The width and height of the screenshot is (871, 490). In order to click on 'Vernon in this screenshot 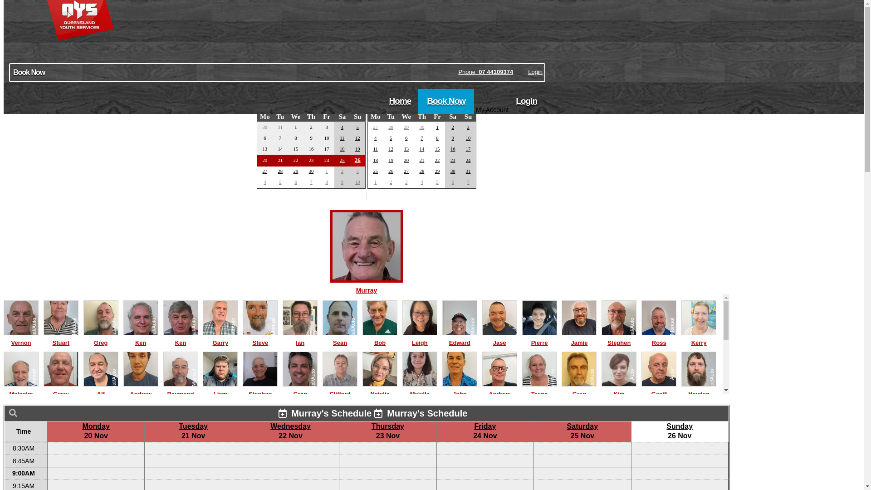, I will do `click(21, 338)`.